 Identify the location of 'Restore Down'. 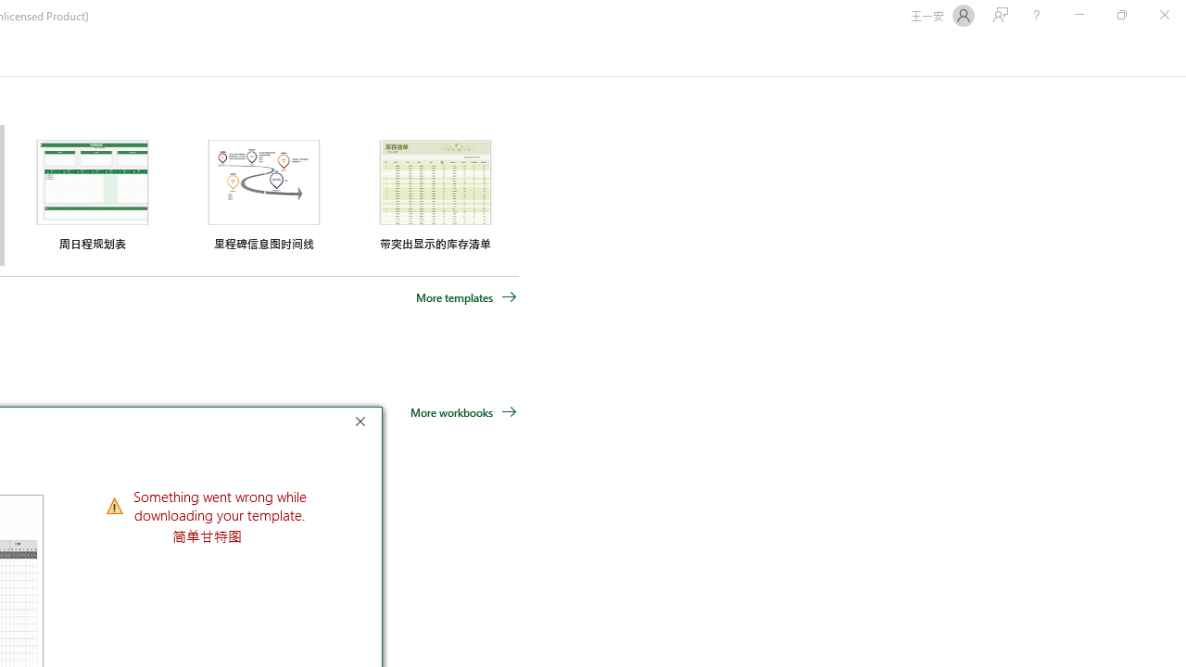
(1120, 15).